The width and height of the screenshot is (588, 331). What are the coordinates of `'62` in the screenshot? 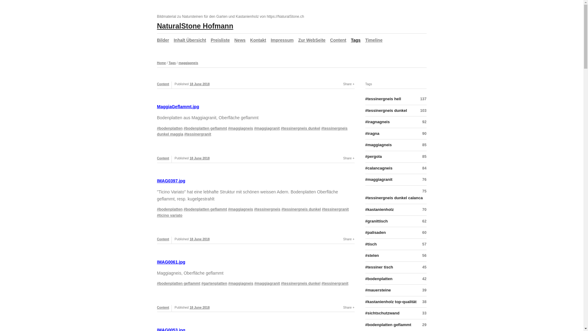 It's located at (395, 221).